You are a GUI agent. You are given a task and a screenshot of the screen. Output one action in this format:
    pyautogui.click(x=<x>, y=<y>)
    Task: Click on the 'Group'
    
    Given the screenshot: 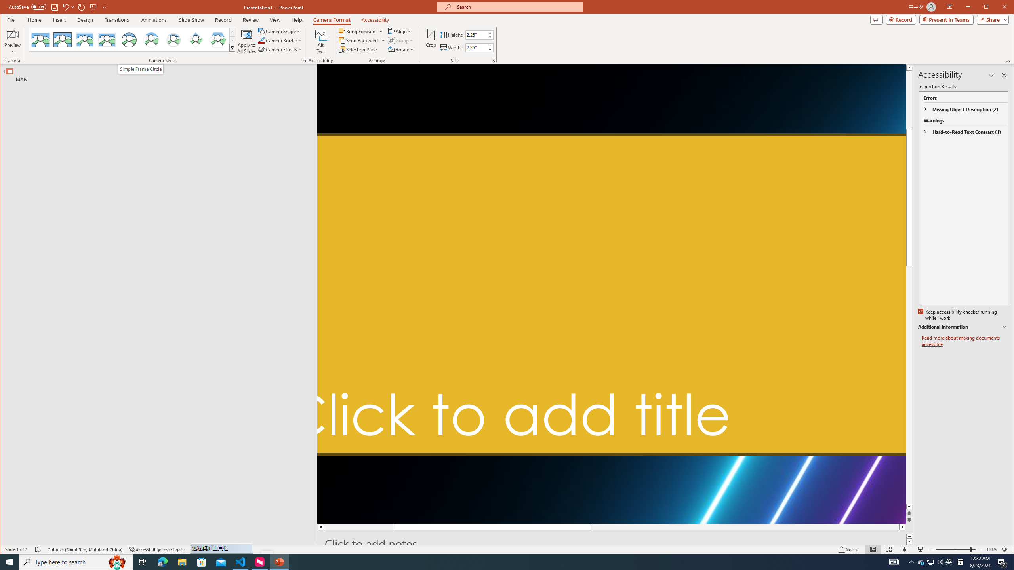 What is the action you would take?
    pyautogui.click(x=401, y=40)
    